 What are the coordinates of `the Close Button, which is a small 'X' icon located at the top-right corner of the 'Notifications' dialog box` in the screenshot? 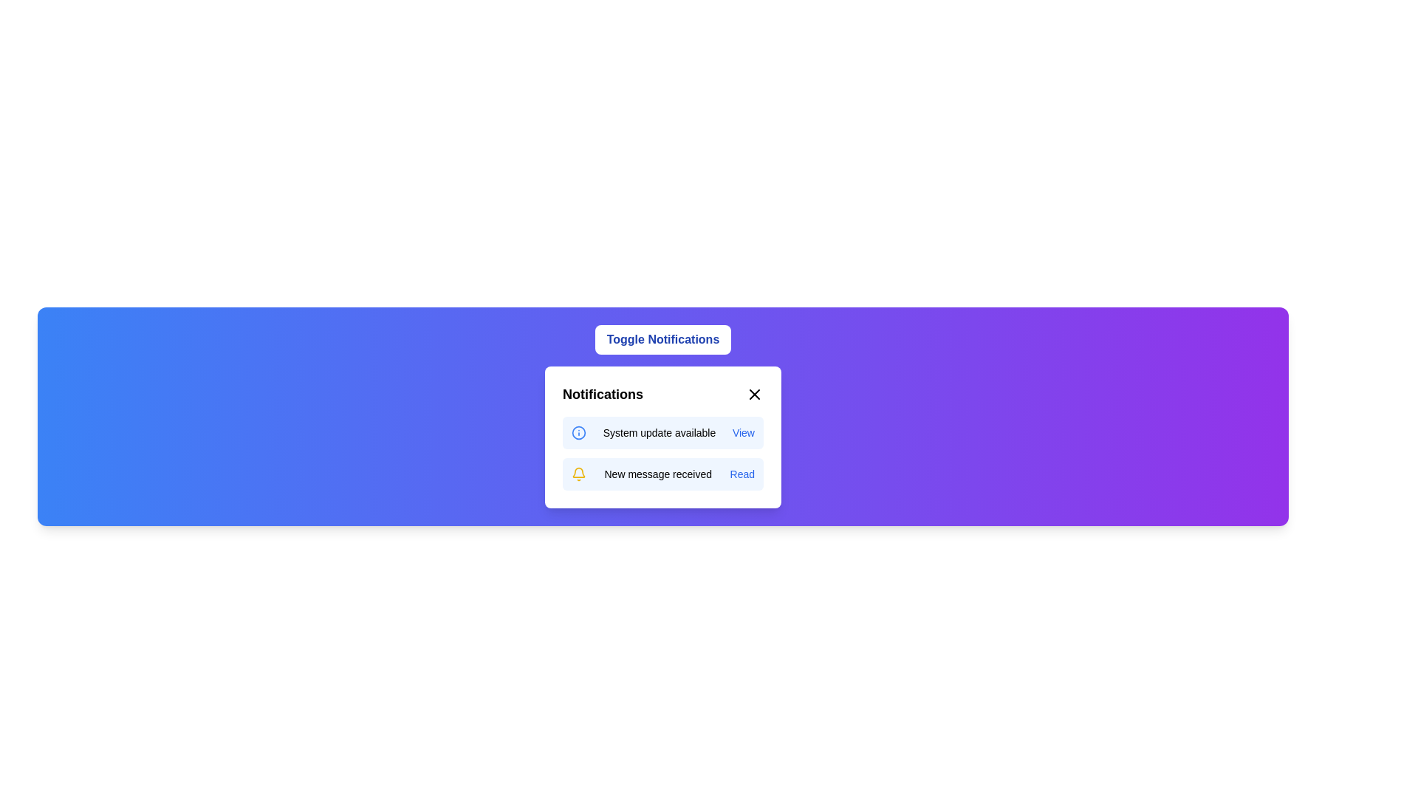 It's located at (755, 393).